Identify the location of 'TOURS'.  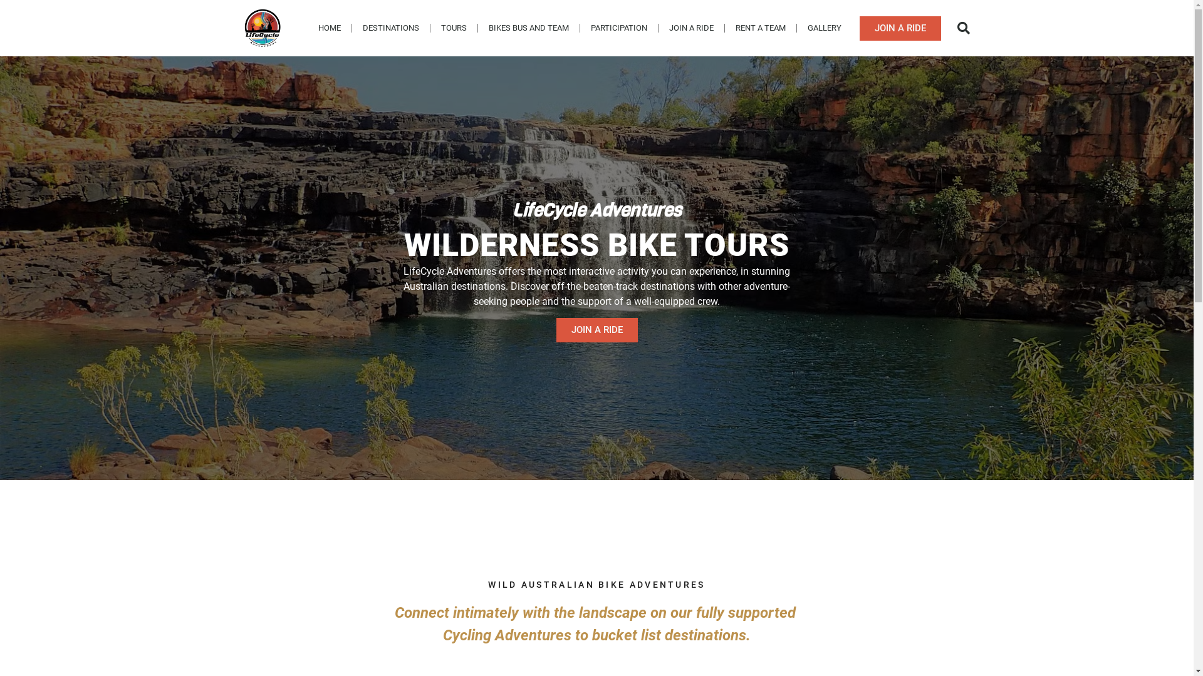
(430, 28).